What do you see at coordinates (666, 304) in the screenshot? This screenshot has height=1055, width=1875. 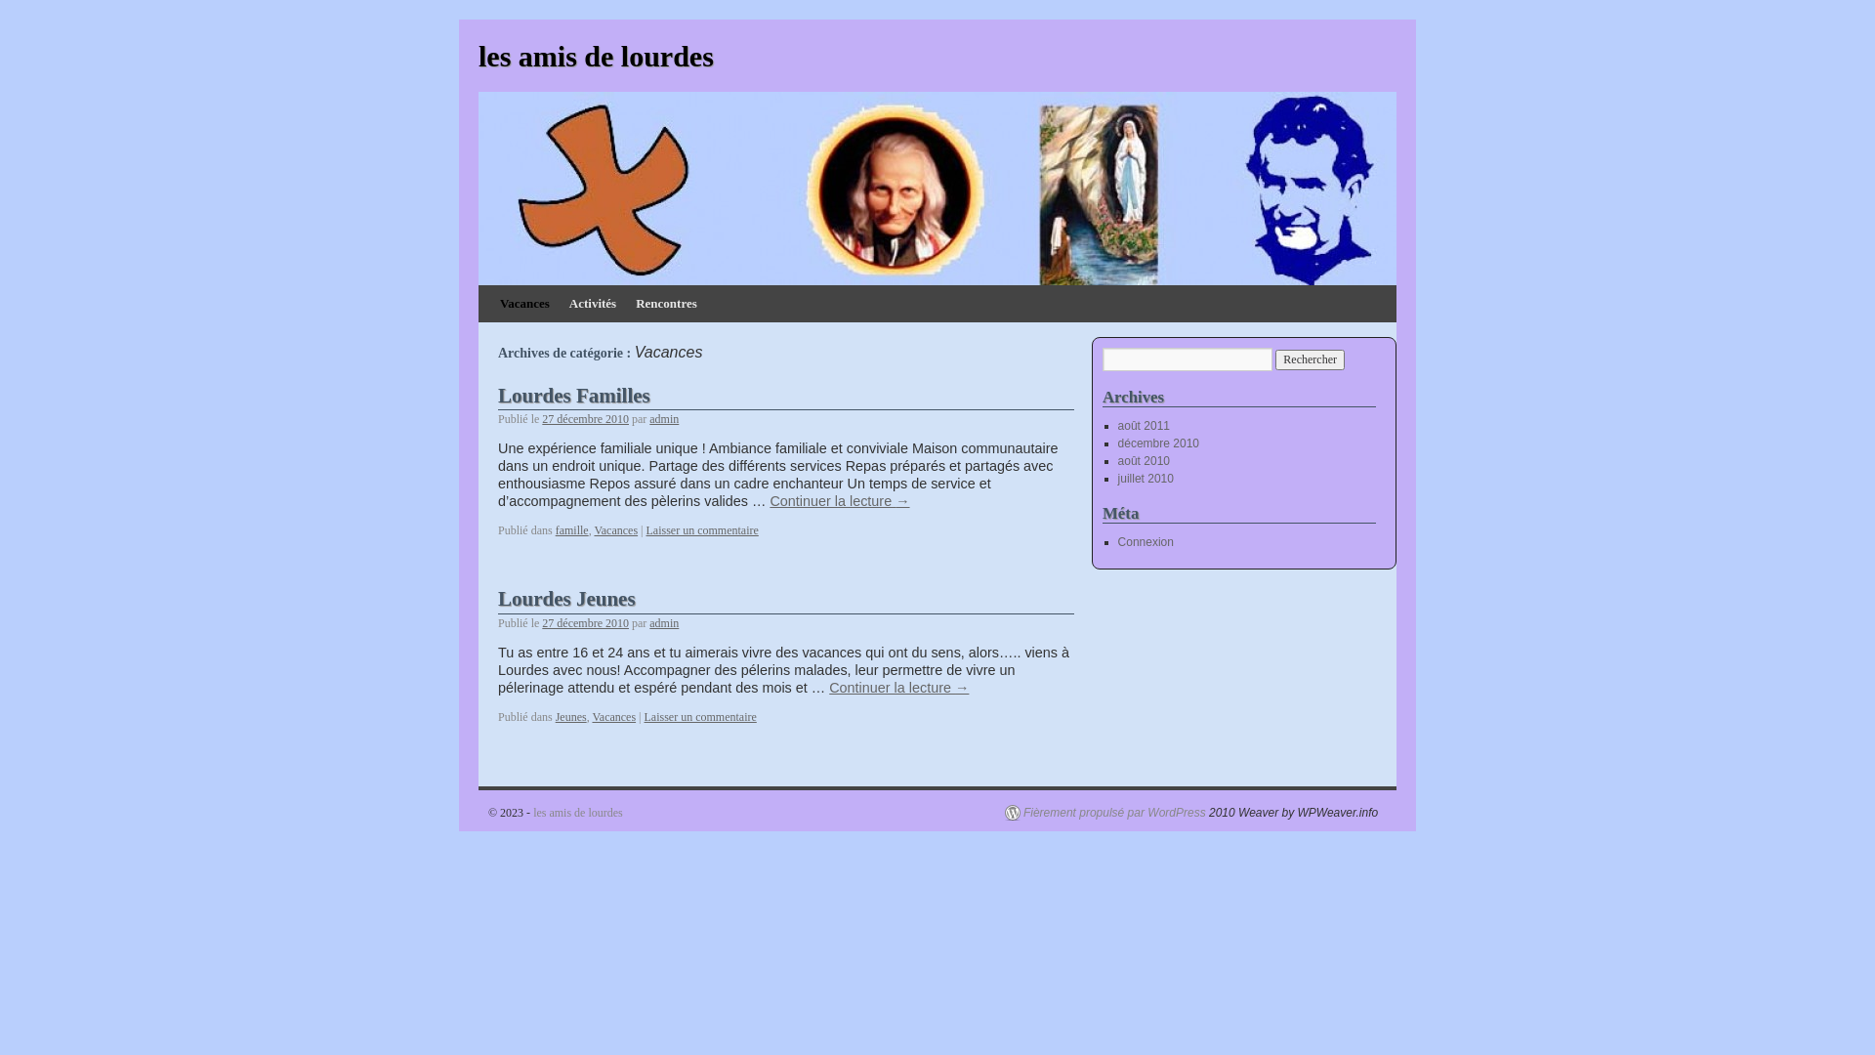 I see `'Rencontres'` at bounding box center [666, 304].